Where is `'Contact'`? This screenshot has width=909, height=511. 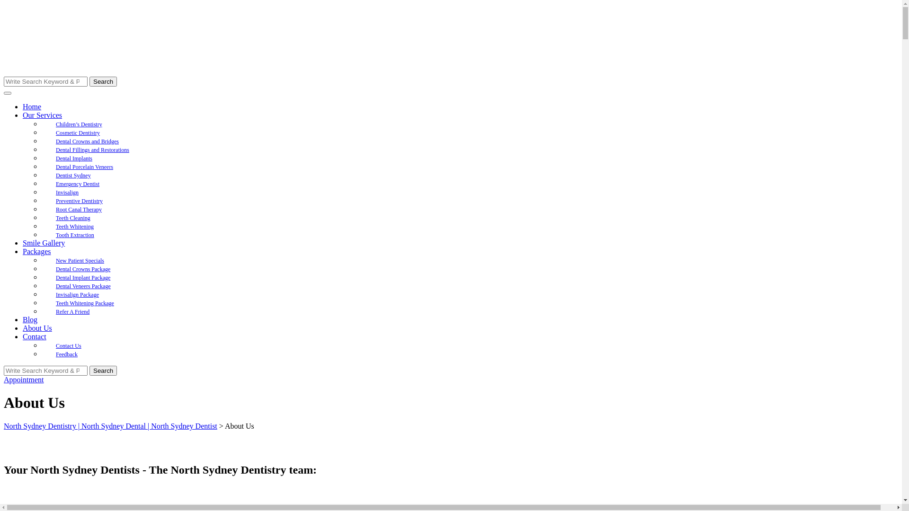
'Contact' is located at coordinates (34, 336).